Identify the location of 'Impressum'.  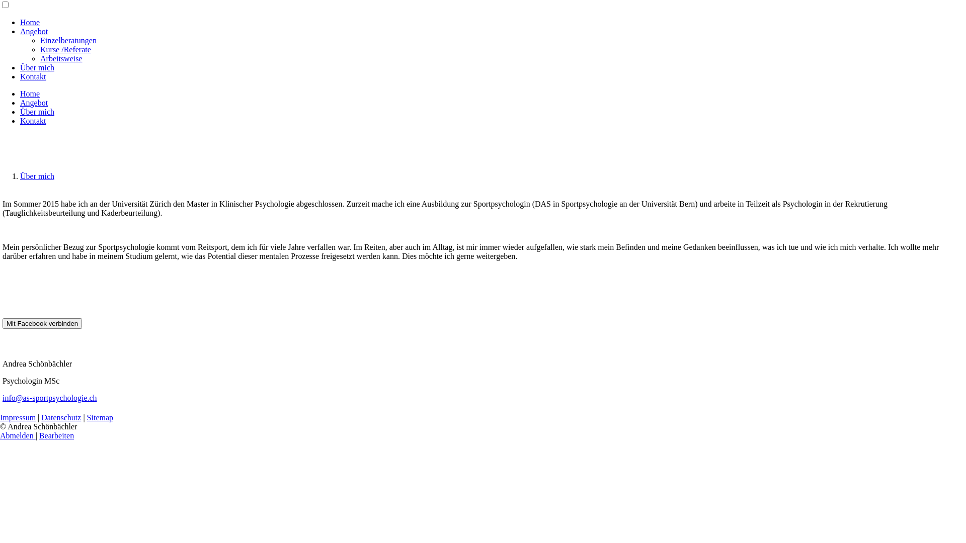
(18, 417).